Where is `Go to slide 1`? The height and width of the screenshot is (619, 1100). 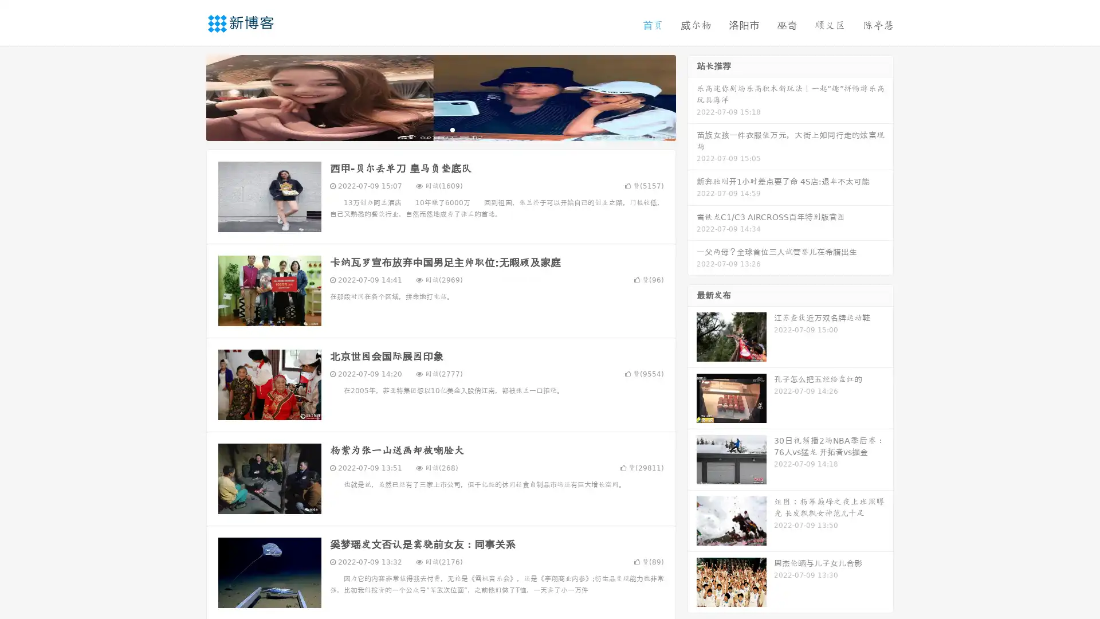
Go to slide 1 is located at coordinates (429, 129).